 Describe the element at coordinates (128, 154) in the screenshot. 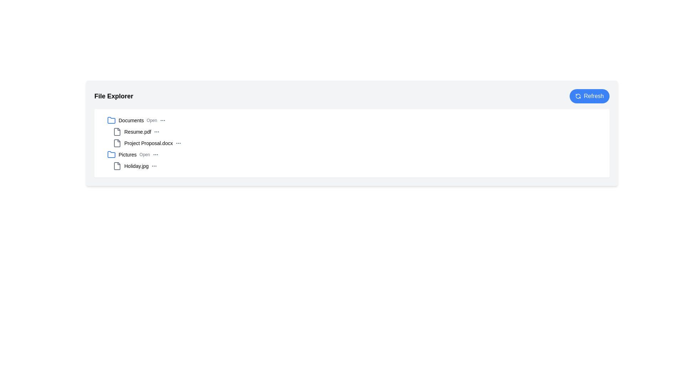

I see `the text label 'Pictures' that describes the associated folder in the file explorer layout, positioned to the right of the blue folder icon and before the smaller text 'Open'` at that location.